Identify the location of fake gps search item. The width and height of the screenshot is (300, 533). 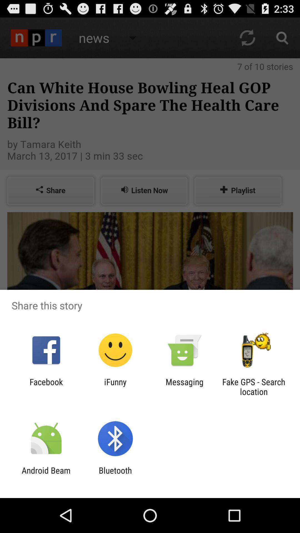
(254, 386).